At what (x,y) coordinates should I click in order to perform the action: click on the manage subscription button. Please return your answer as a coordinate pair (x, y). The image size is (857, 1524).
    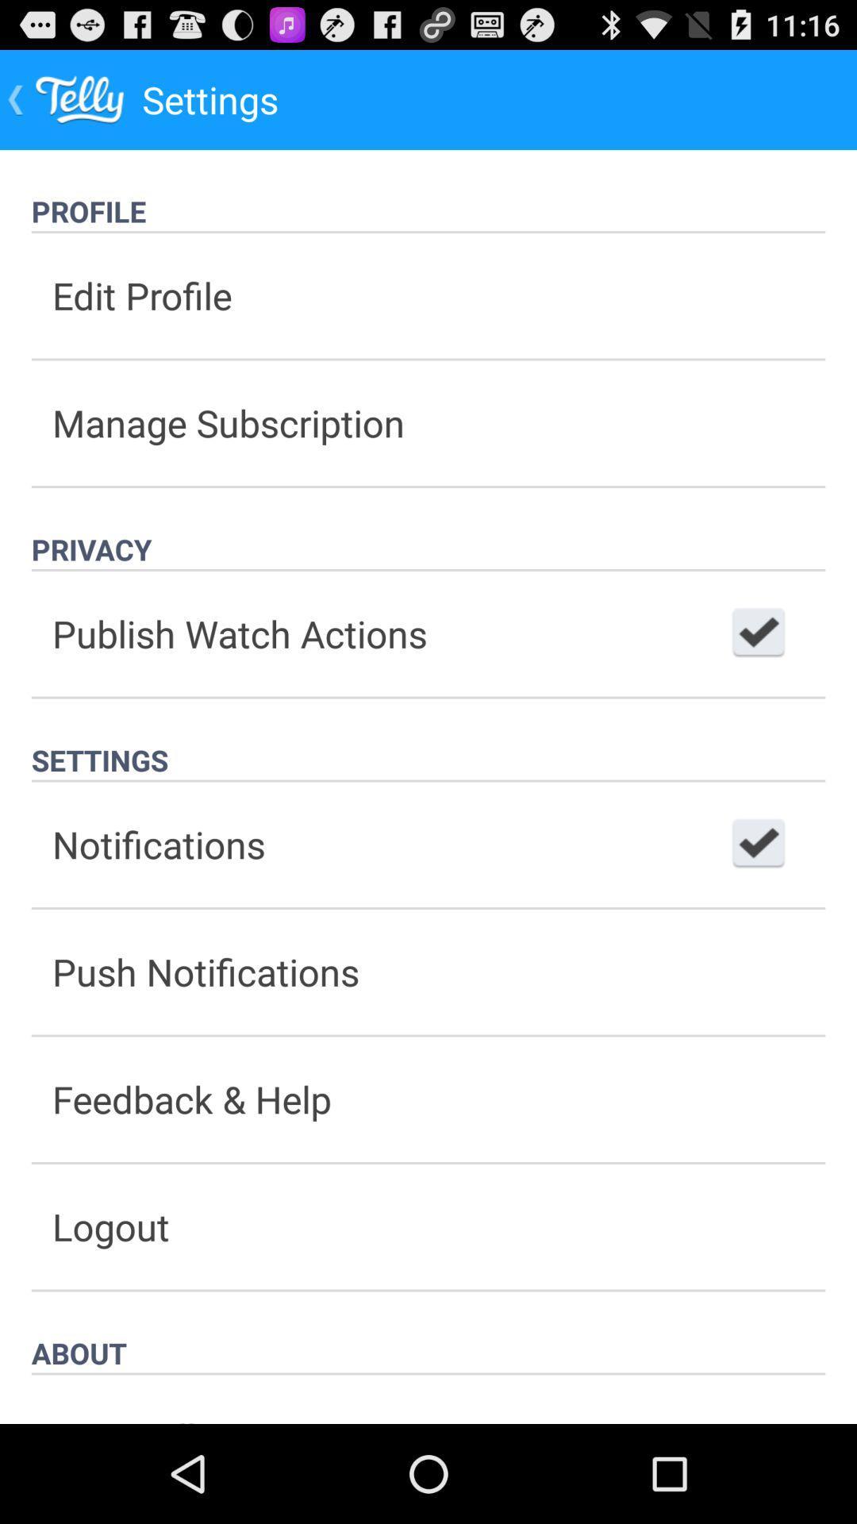
    Looking at the image, I should click on (428, 423).